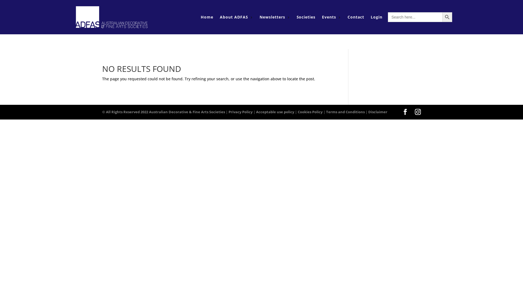  I want to click on 'Acceptable use policy', so click(275, 112).